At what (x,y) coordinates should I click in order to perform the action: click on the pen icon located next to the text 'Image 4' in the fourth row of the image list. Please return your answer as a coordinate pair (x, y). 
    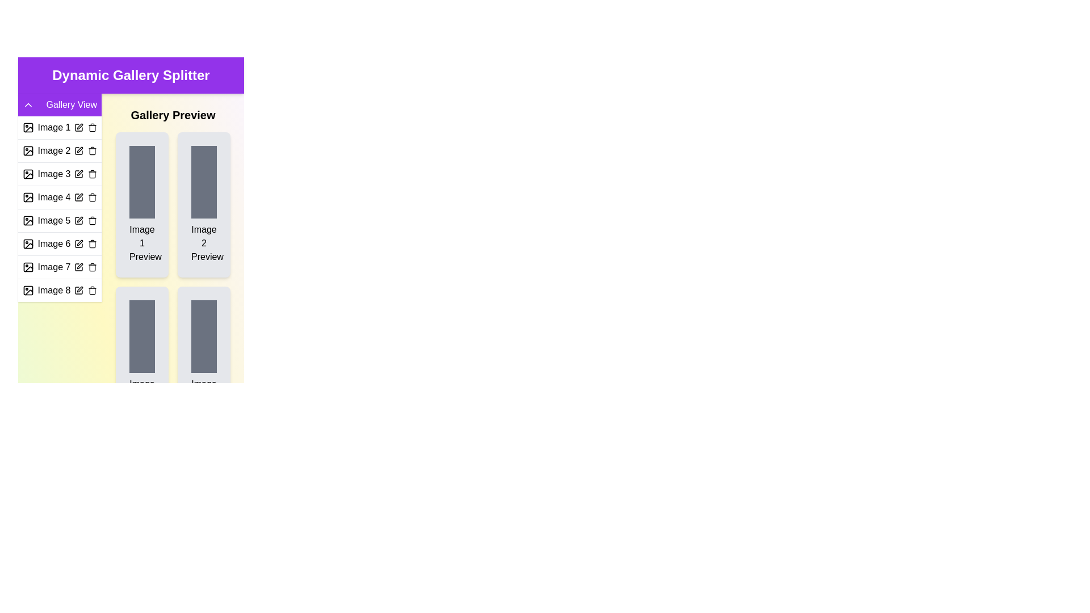
    Looking at the image, I should click on (78, 196).